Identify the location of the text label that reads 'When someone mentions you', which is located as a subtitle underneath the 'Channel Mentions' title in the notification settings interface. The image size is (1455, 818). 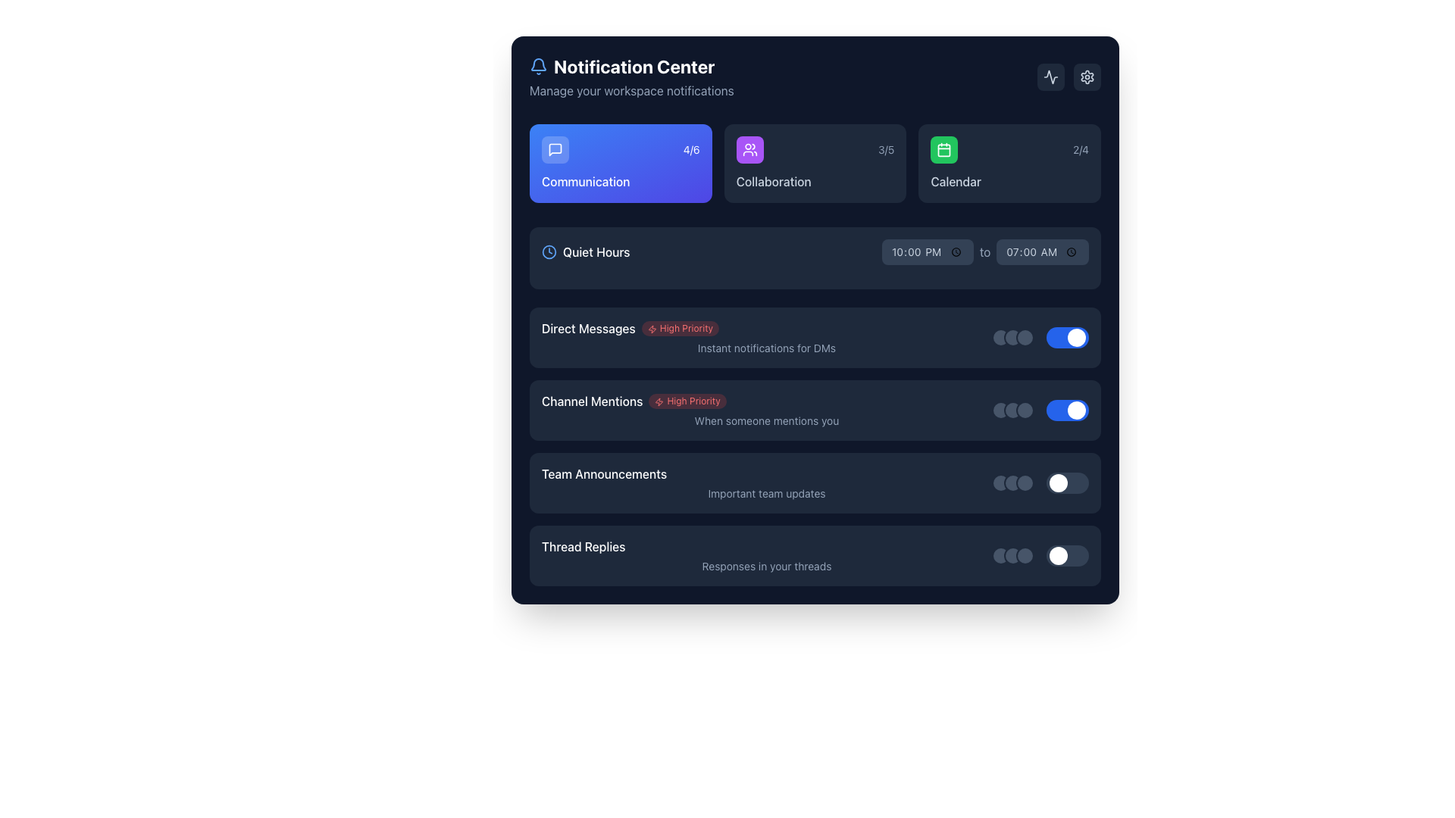
(767, 420).